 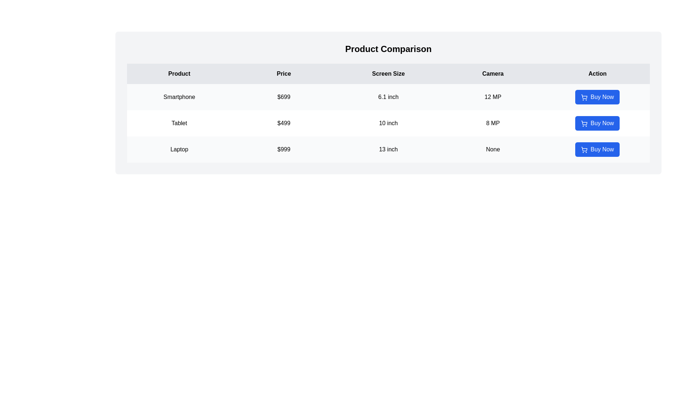 I want to click on the text '<text>' in the table to select it, so click(x=179, y=96).